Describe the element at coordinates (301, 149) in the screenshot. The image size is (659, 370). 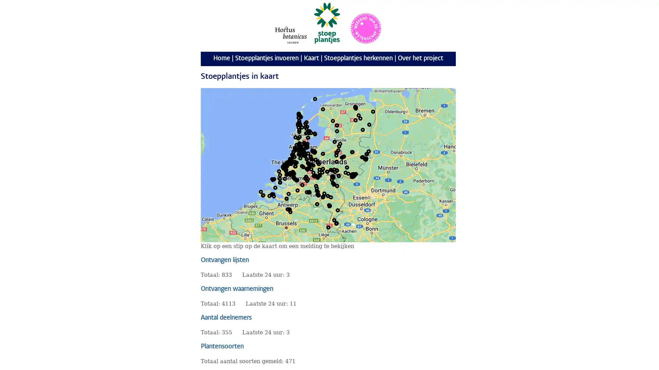
I see `Telling van op 15 mei 2022` at that location.